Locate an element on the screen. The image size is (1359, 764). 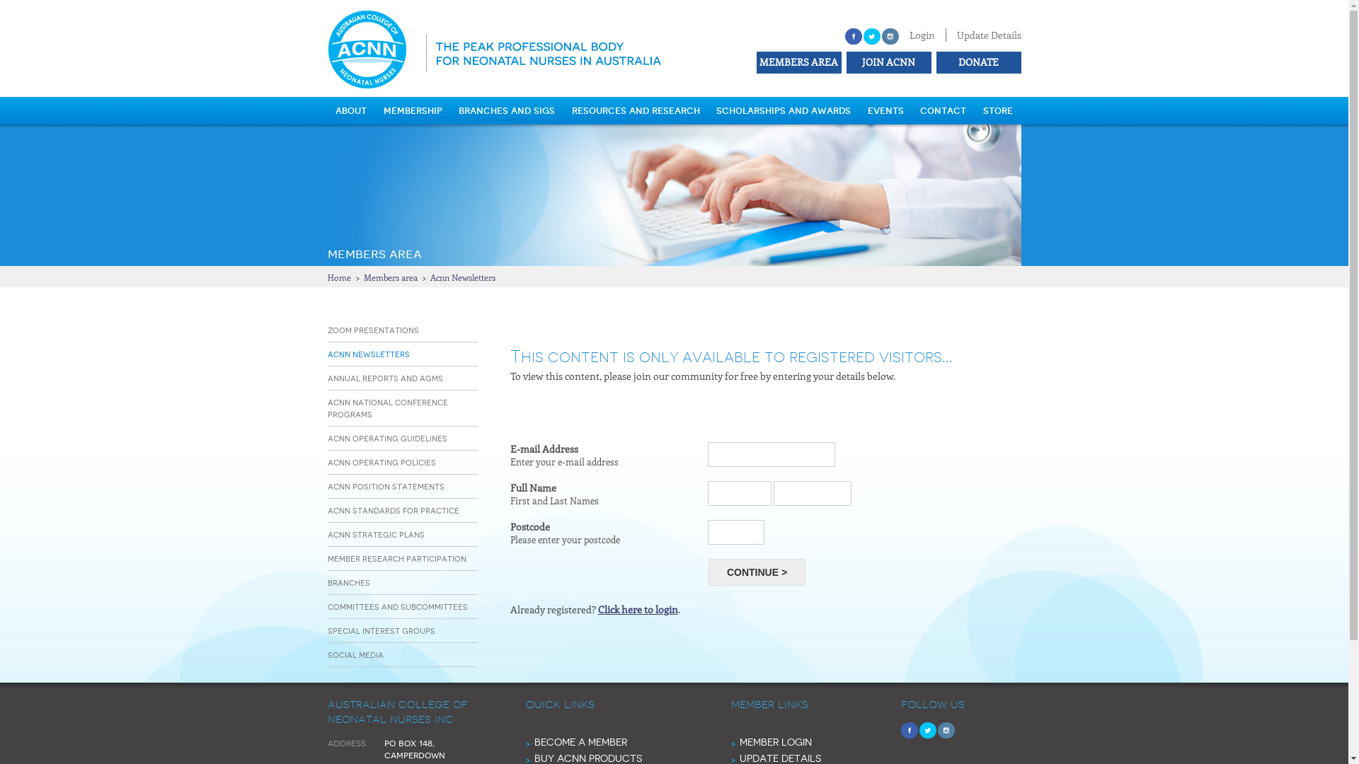
'UPDATE DETAILS' is located at coordinates (779, 758).